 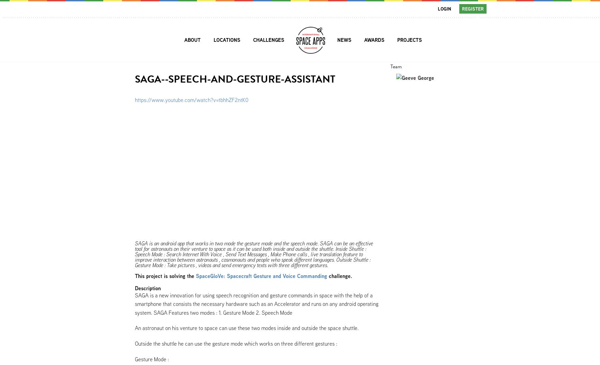 What do you see at coordinates (134, 79) in the screenshot?
I see `'saga--speech-and-gesture-assistant'` at bounding box center [134, 79].